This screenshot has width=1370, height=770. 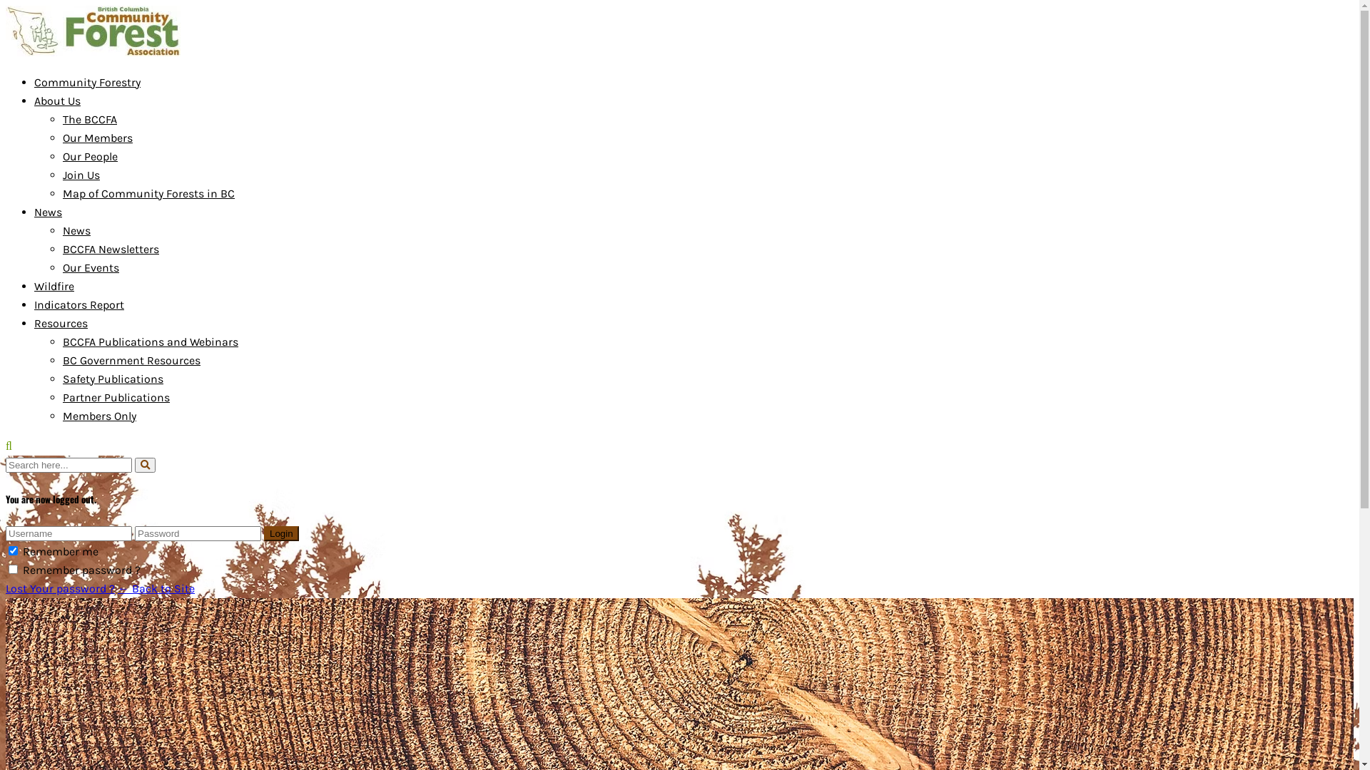 What do you see at coordinates (88, 118) in the screenshot?
I see `'The BCCFA'` at bounding box center [88, 118].